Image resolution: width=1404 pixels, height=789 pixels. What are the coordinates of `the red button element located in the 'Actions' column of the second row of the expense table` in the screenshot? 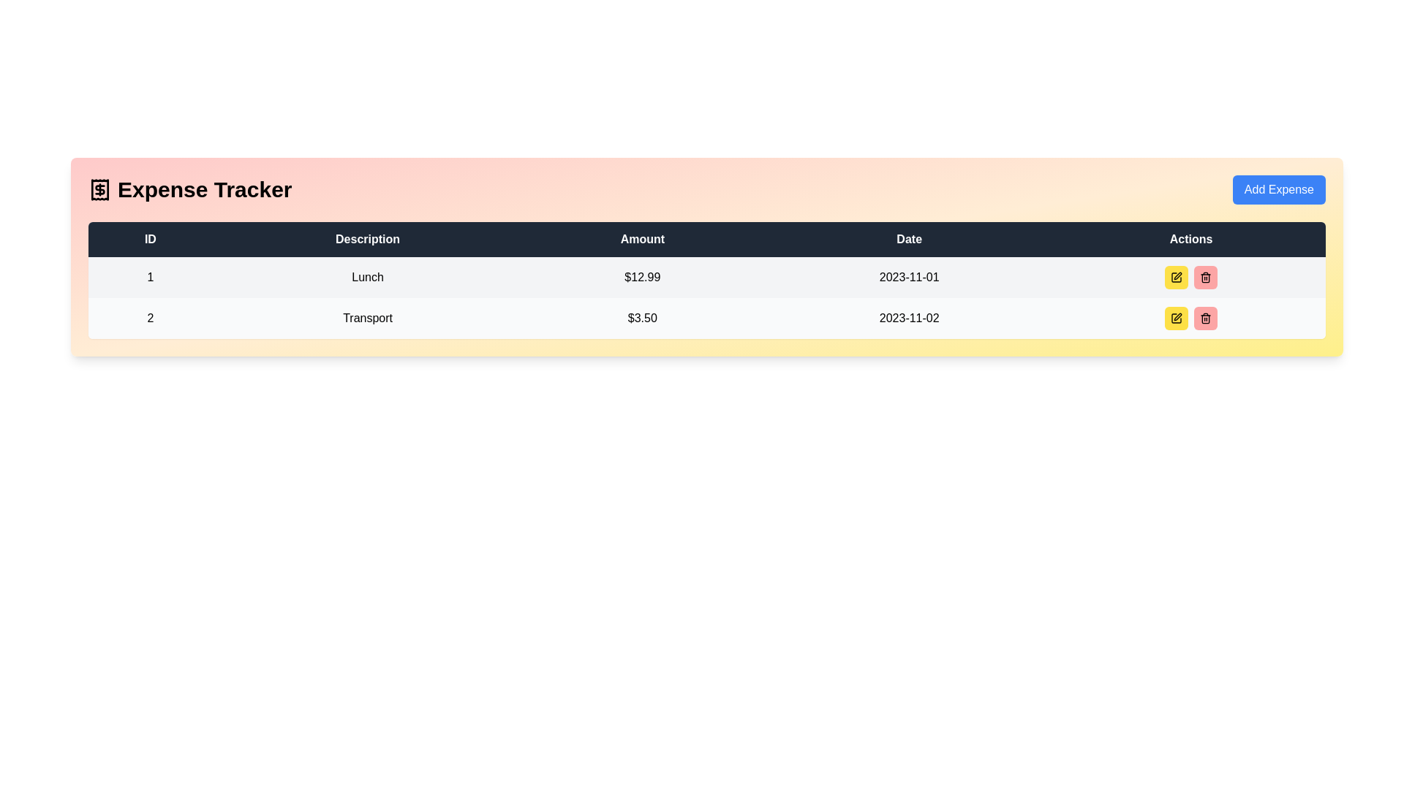 It's located at (1206, 278).